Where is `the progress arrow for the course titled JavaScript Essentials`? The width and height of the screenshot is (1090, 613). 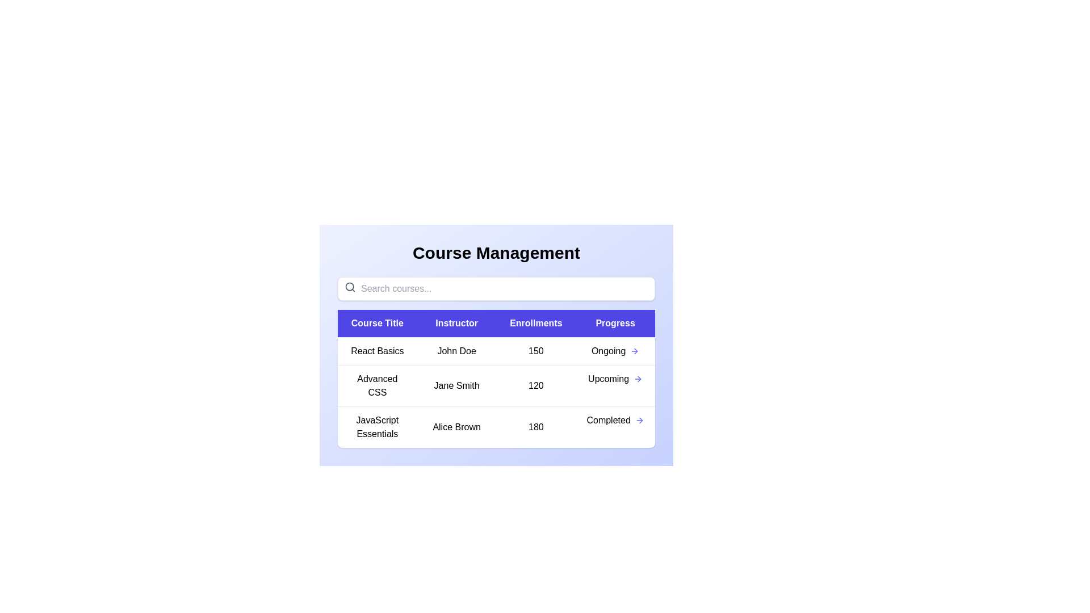
the progress arrow for the course titled JavaScript Essentials is located at coordinates (639, 420).